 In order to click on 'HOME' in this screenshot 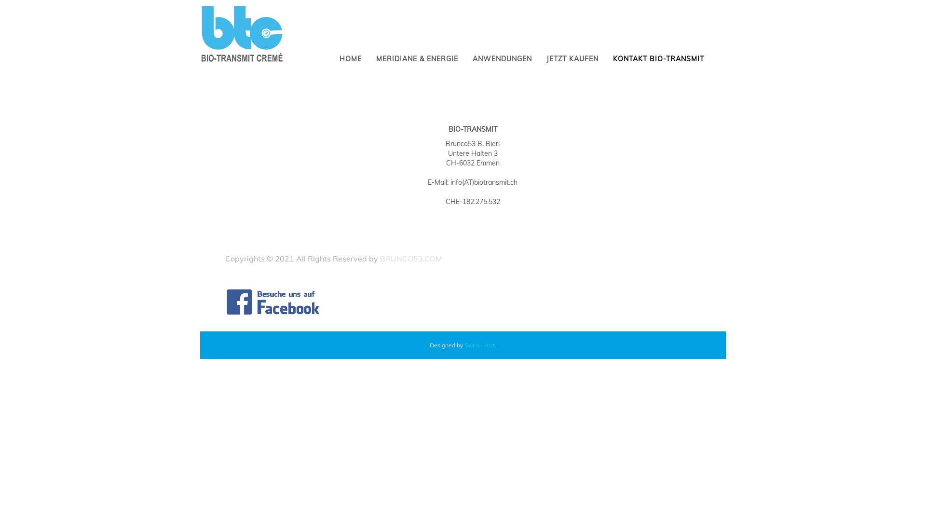, I will do `click(350, 59)`.